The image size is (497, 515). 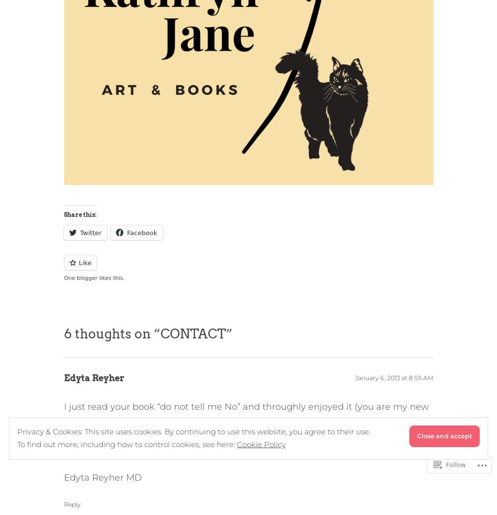 What do you see at coordinates (17, 430) in the screenshot?
I see `'Privacy & Cookies: This site uses cookies. By continuing to use this website, you agree to their use.'` at bounding box center [17, 430].